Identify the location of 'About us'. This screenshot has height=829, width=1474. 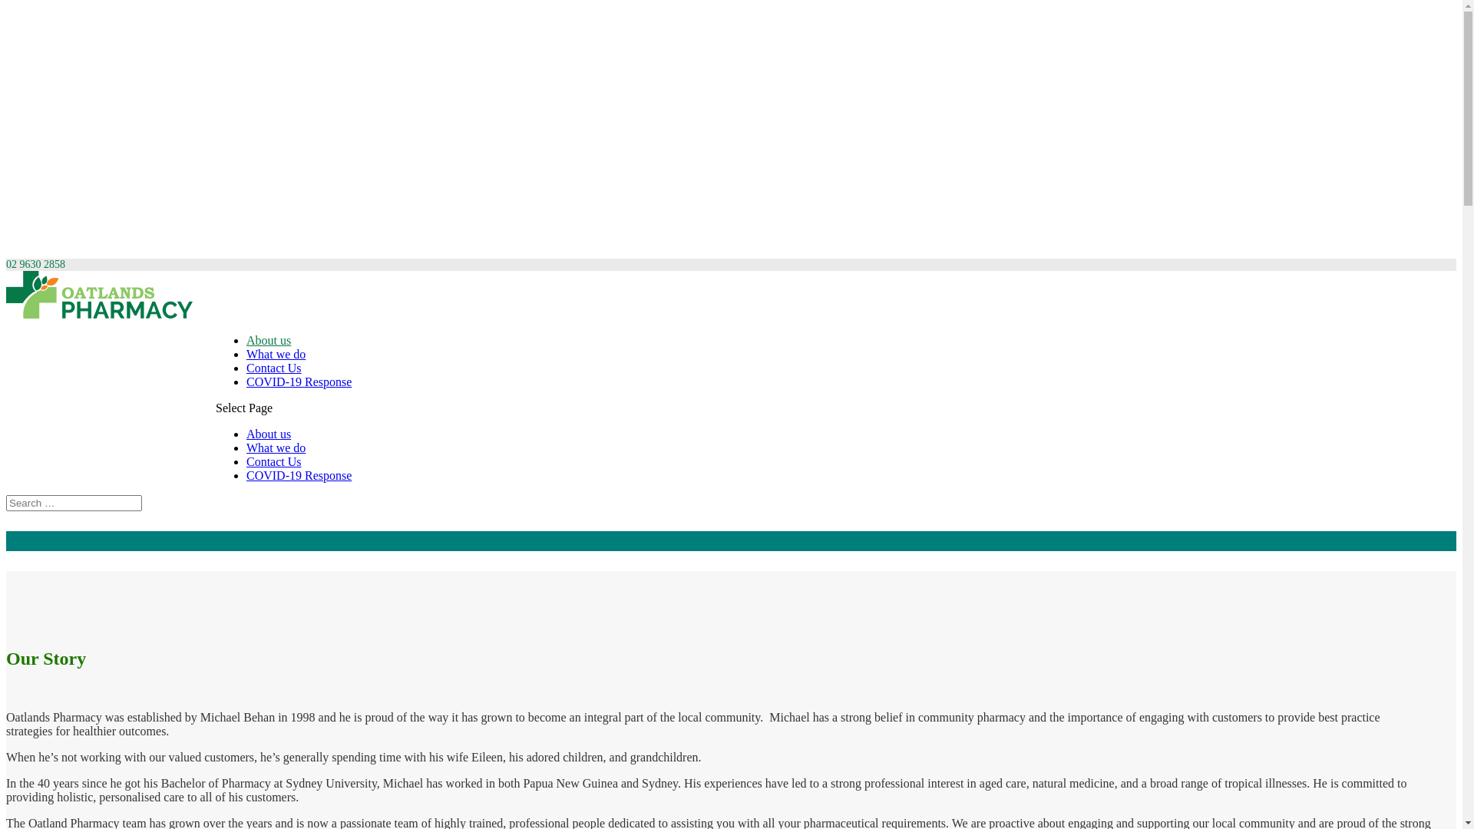
(269, 434).